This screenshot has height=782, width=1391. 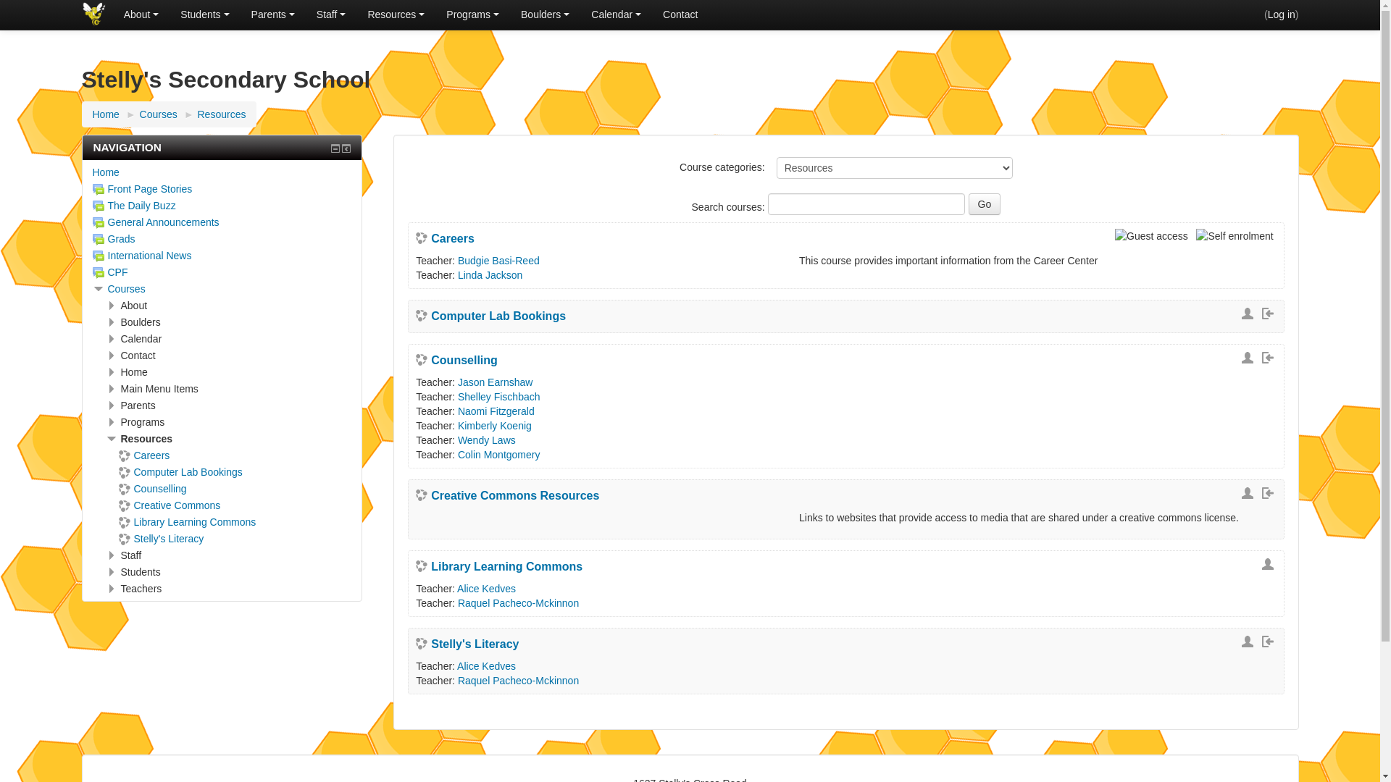 I want to click on 'Budgie Basi-Reed', so click(x=457, y=259).